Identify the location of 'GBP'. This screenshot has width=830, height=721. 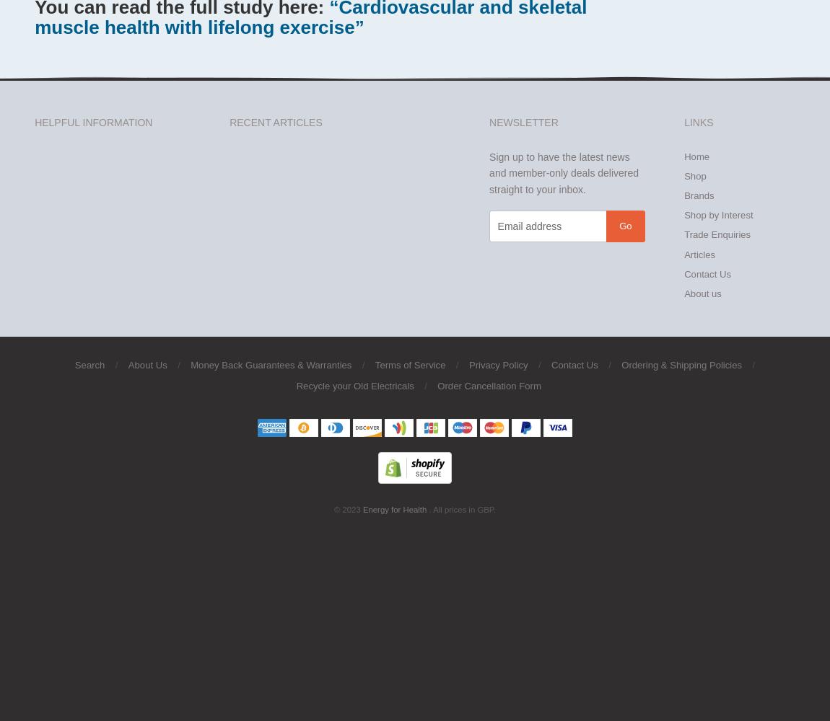
(484, 509).